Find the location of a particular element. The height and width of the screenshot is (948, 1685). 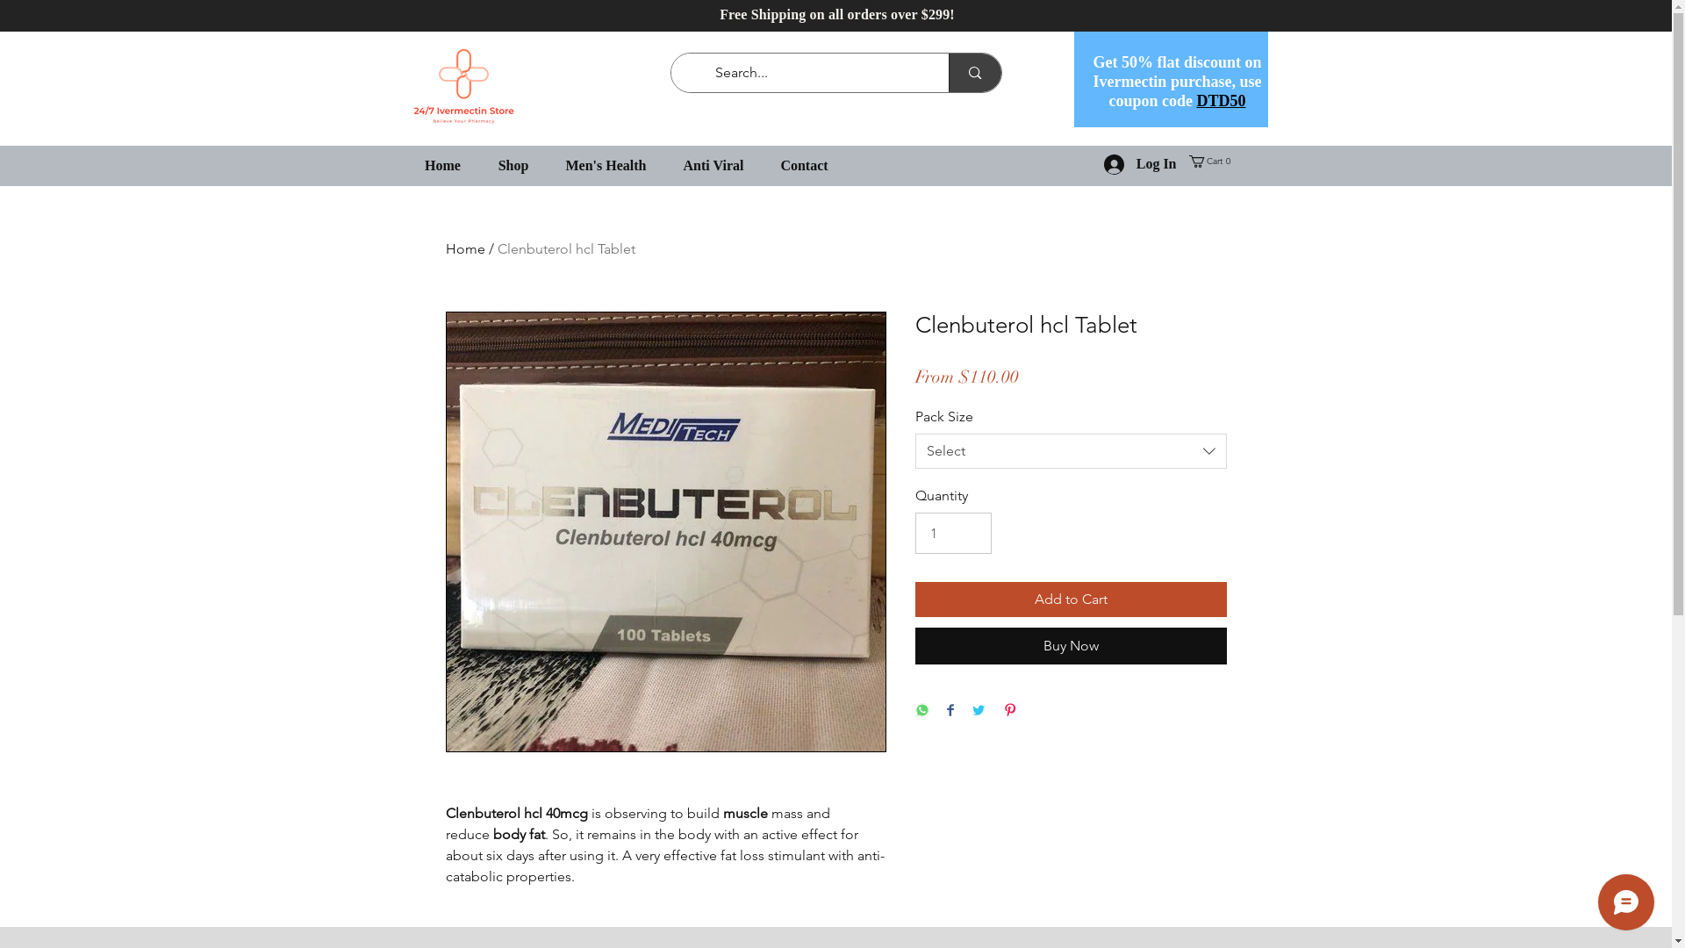

'Home' is located at coordinates (442, 165).